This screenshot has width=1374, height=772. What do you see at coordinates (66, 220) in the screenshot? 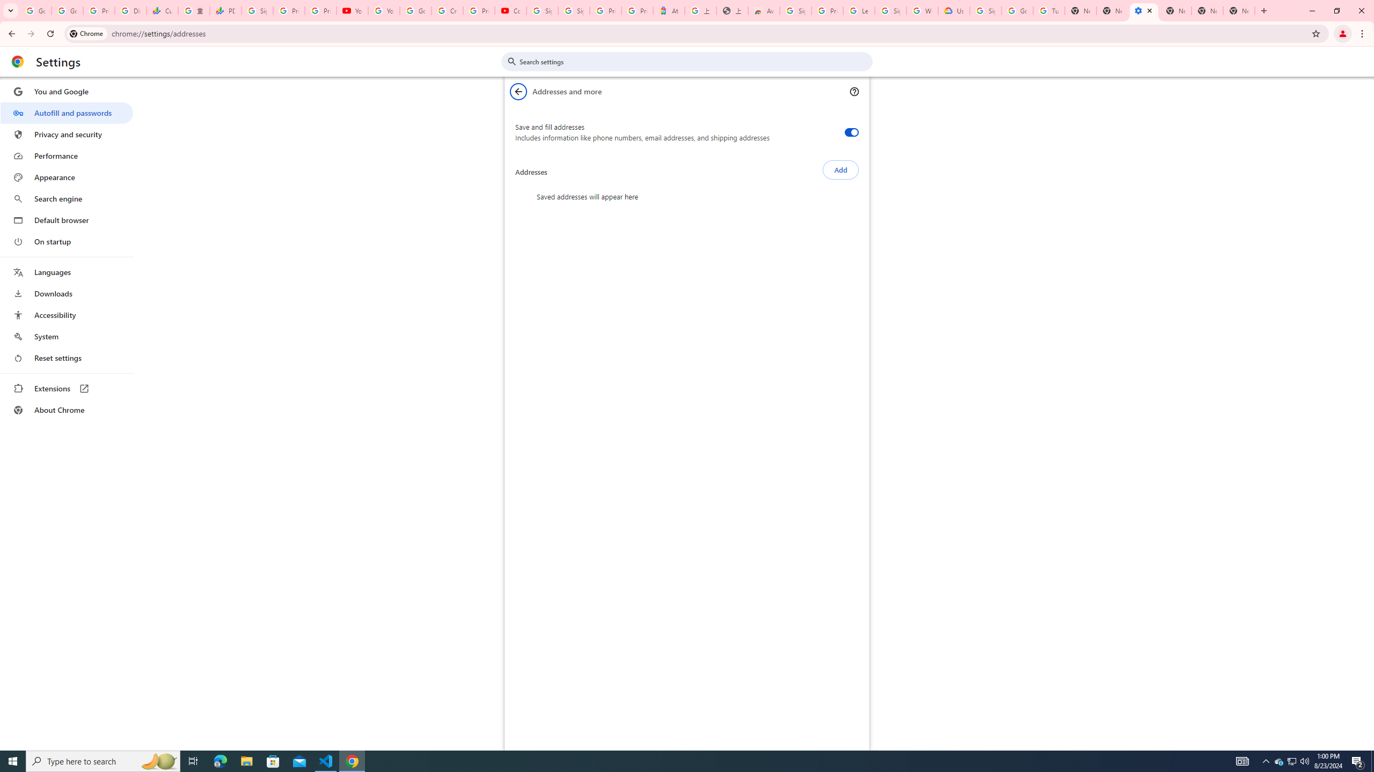
I see `'Default browser'` at bounding box center [66, 220].